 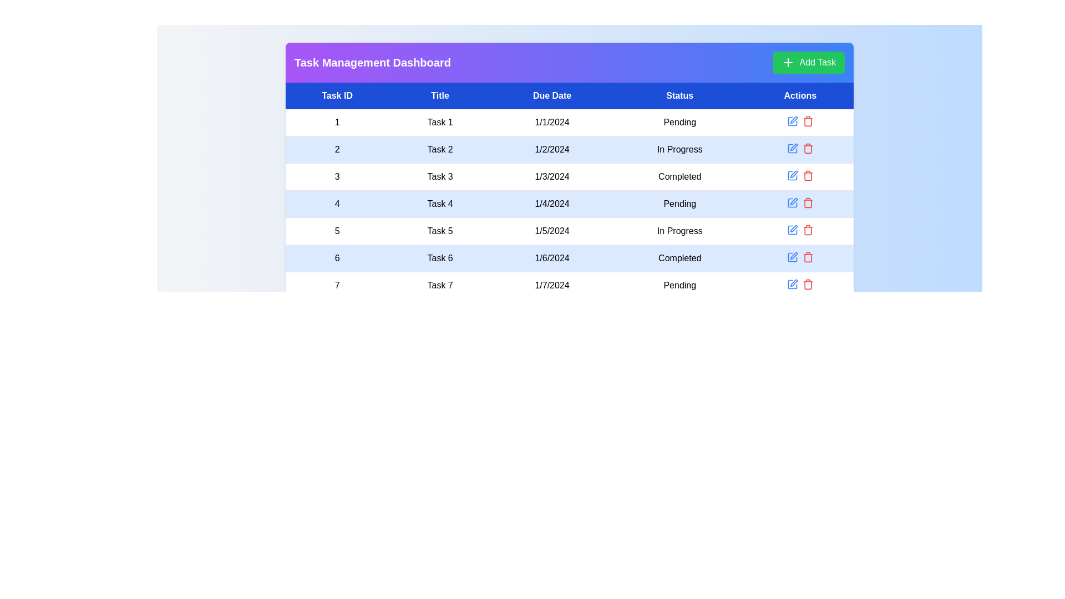 I want to click on delete icon for the task with ID 1, so click(x=808, y=121).